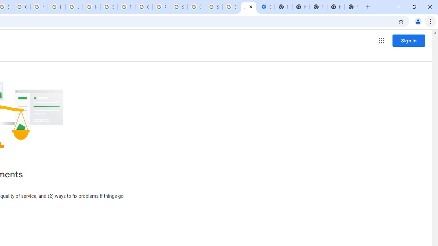 The image size is (438, 246). I want to click on 'New Tab', so click(353, 7).